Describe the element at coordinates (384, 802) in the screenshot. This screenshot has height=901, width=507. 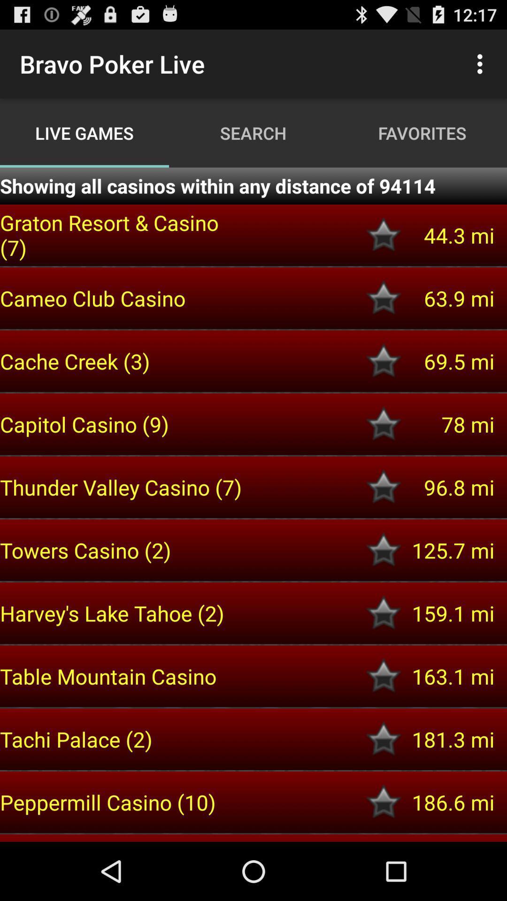
I see `favorite` at that location.